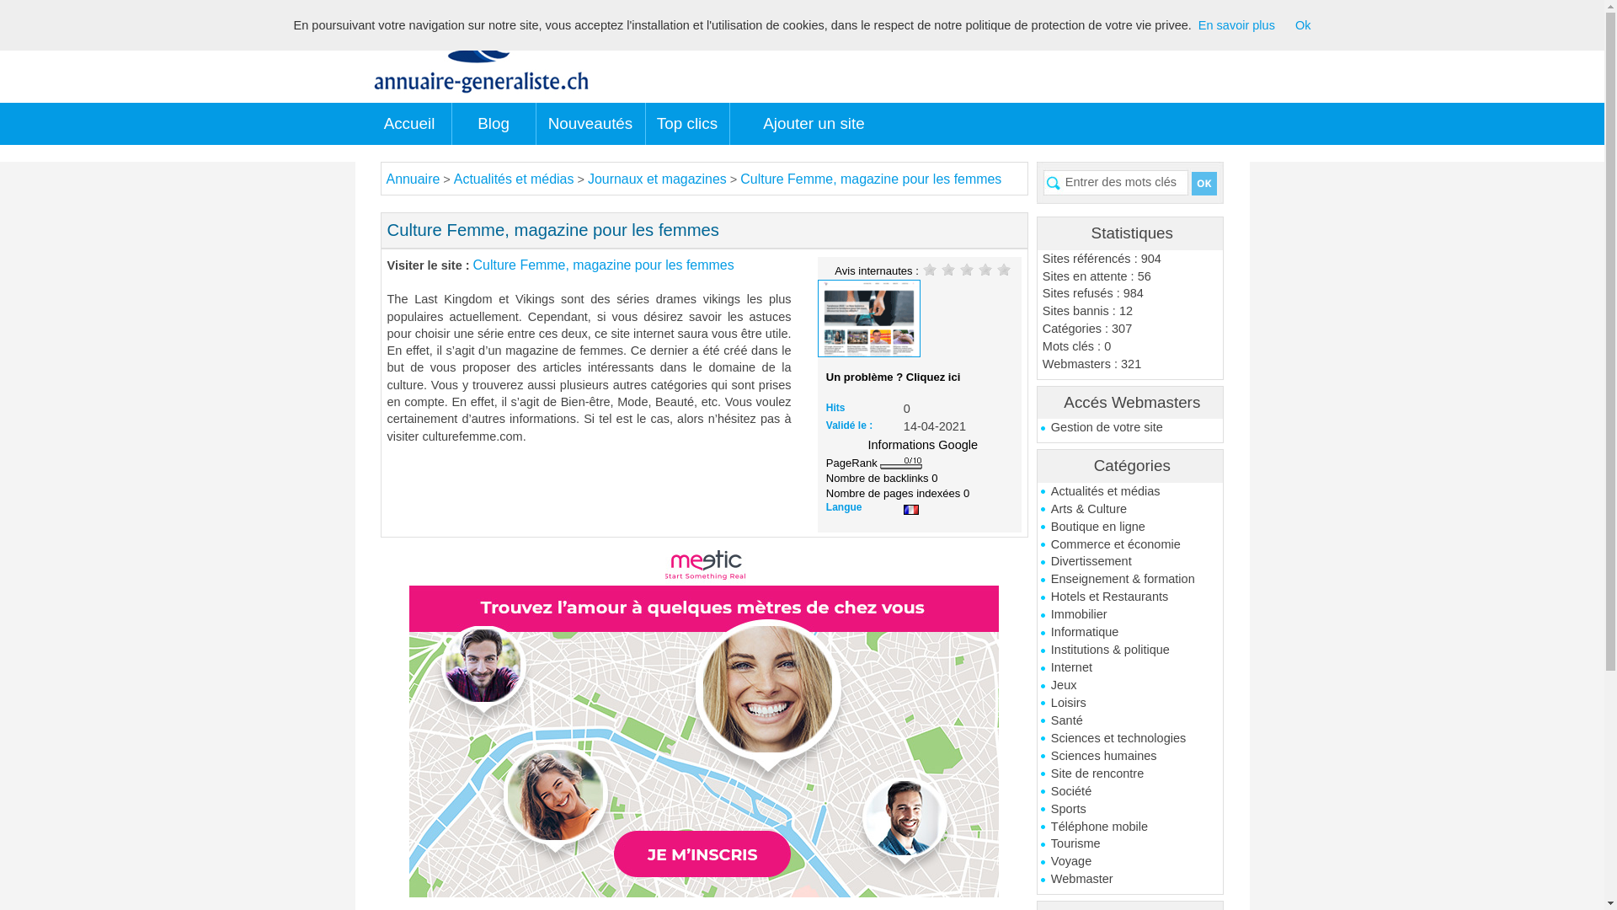  Describe the element at coordinates (1130, 861) in the screenshot. I see `'Voyage'` at that location.